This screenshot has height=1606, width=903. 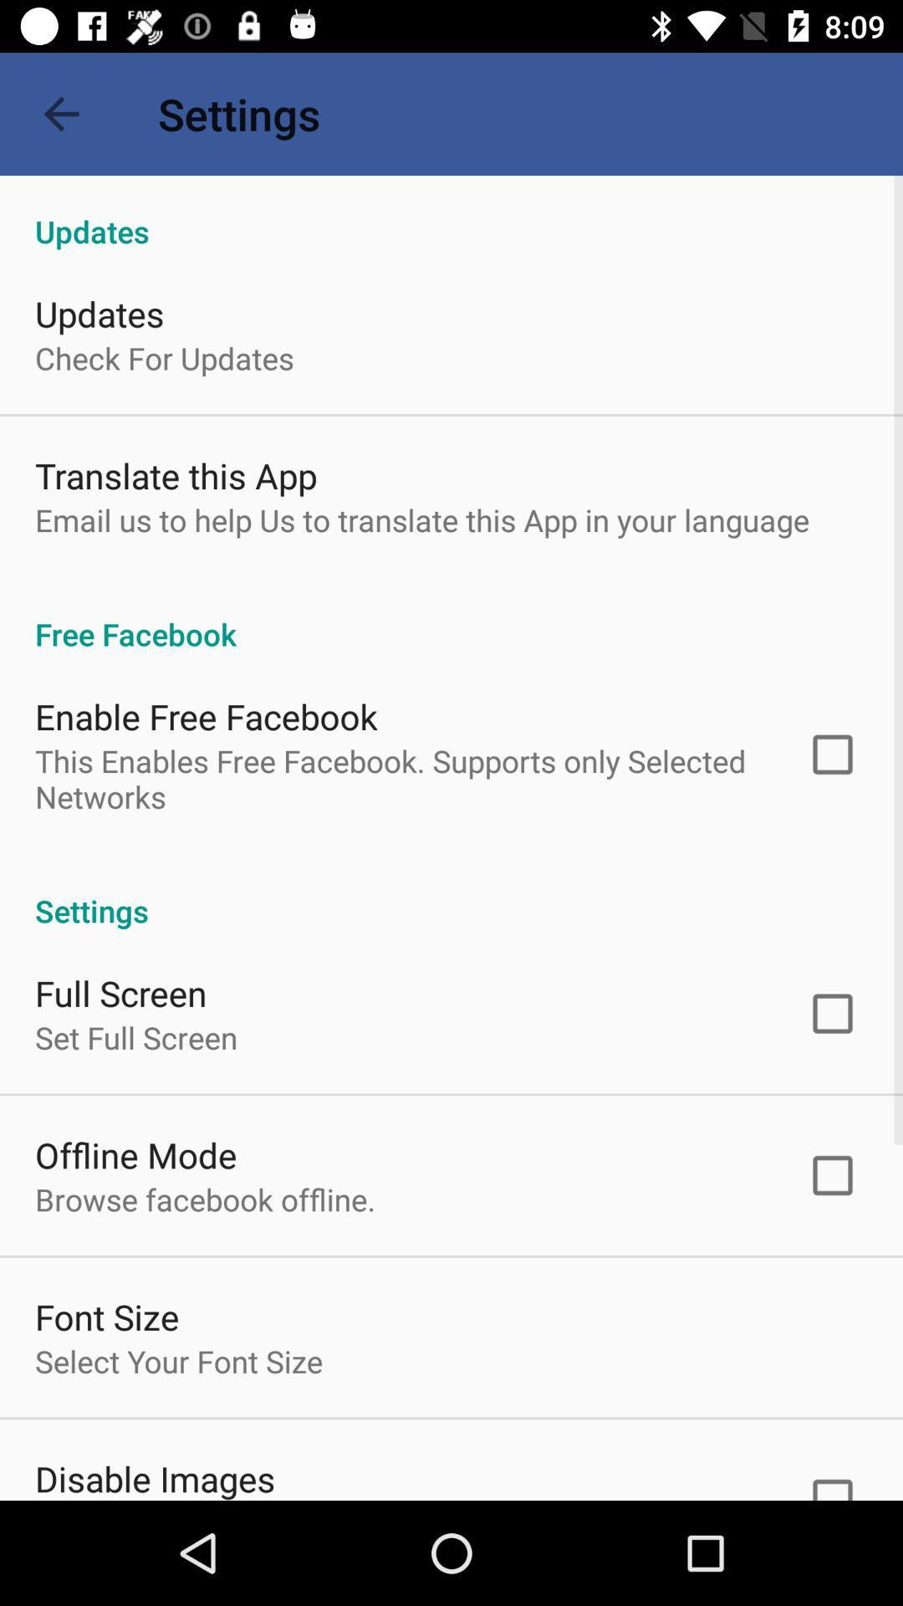 What do you see at coordinates (164, 357) in the screenshot?
I see `the check for updates item` at bounding box center [164, 357].